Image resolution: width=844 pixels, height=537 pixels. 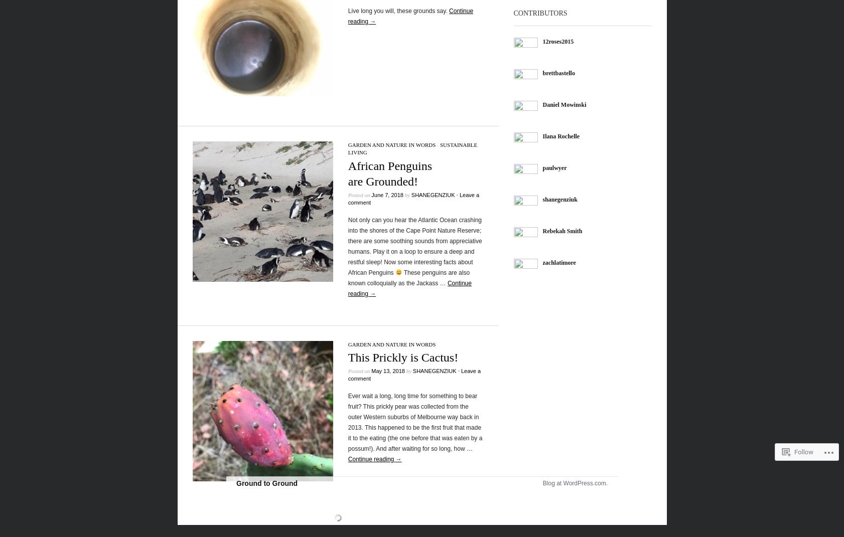 I want to click on 'Daniel Mowinski', so click(x=542, y=104).